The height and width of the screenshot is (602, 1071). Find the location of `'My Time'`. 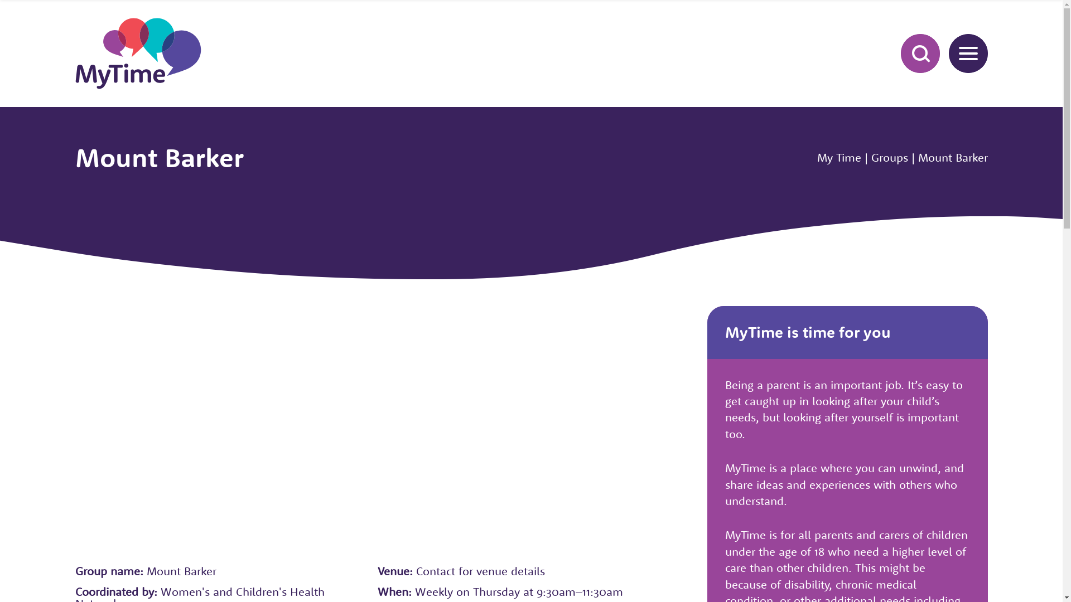

'My Time' is located at coordinates (817, 157).